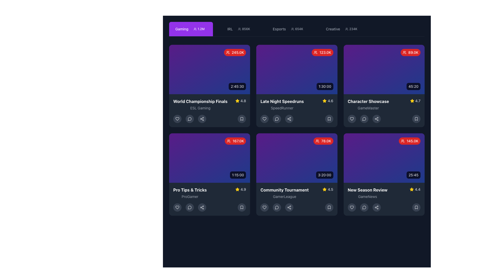  Describe the element at coordinates (239, 29) in the screenshot. I see `the 'IRL' tab-like button with dark background and light gray text` at that location.